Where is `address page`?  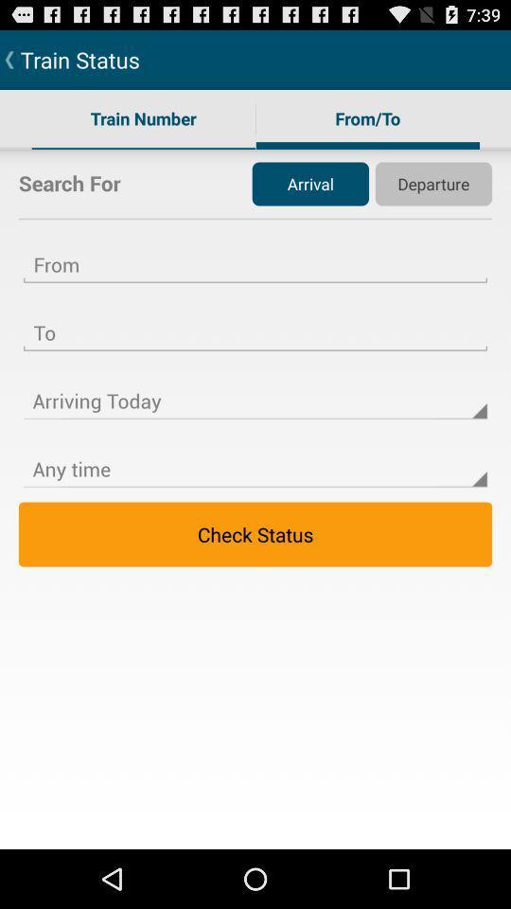
address page is located at coordinates (255, 321).